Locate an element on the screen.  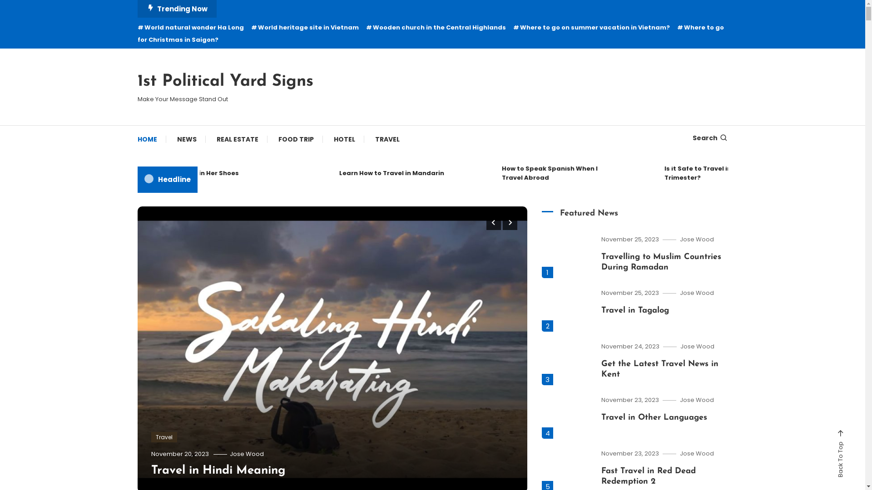
'Get the Latest Travel News in Kent' is located at coordinates (660, 369).